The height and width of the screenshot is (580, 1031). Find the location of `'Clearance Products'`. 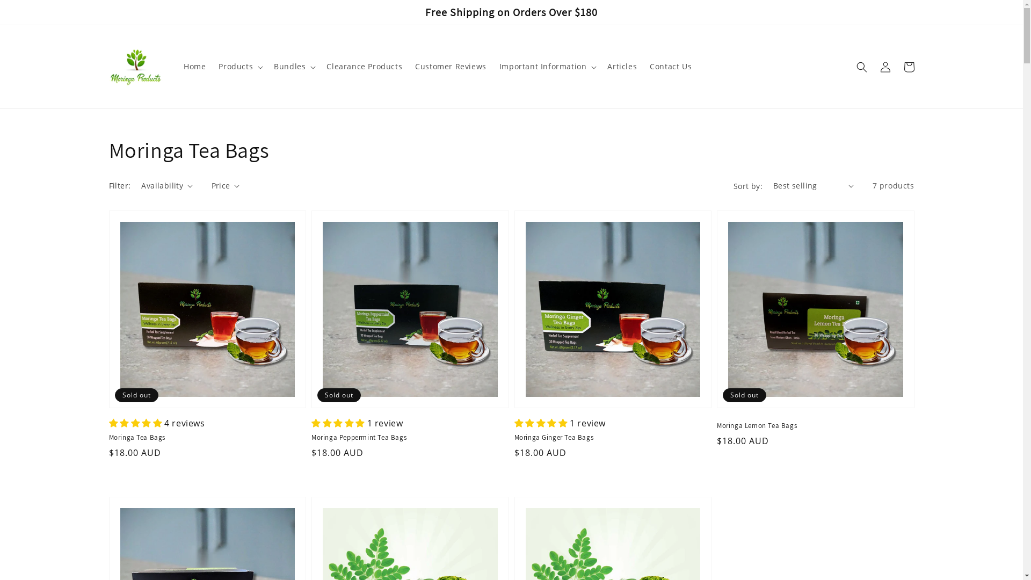

'Clearance Products' is located at coordinates (364, 66).